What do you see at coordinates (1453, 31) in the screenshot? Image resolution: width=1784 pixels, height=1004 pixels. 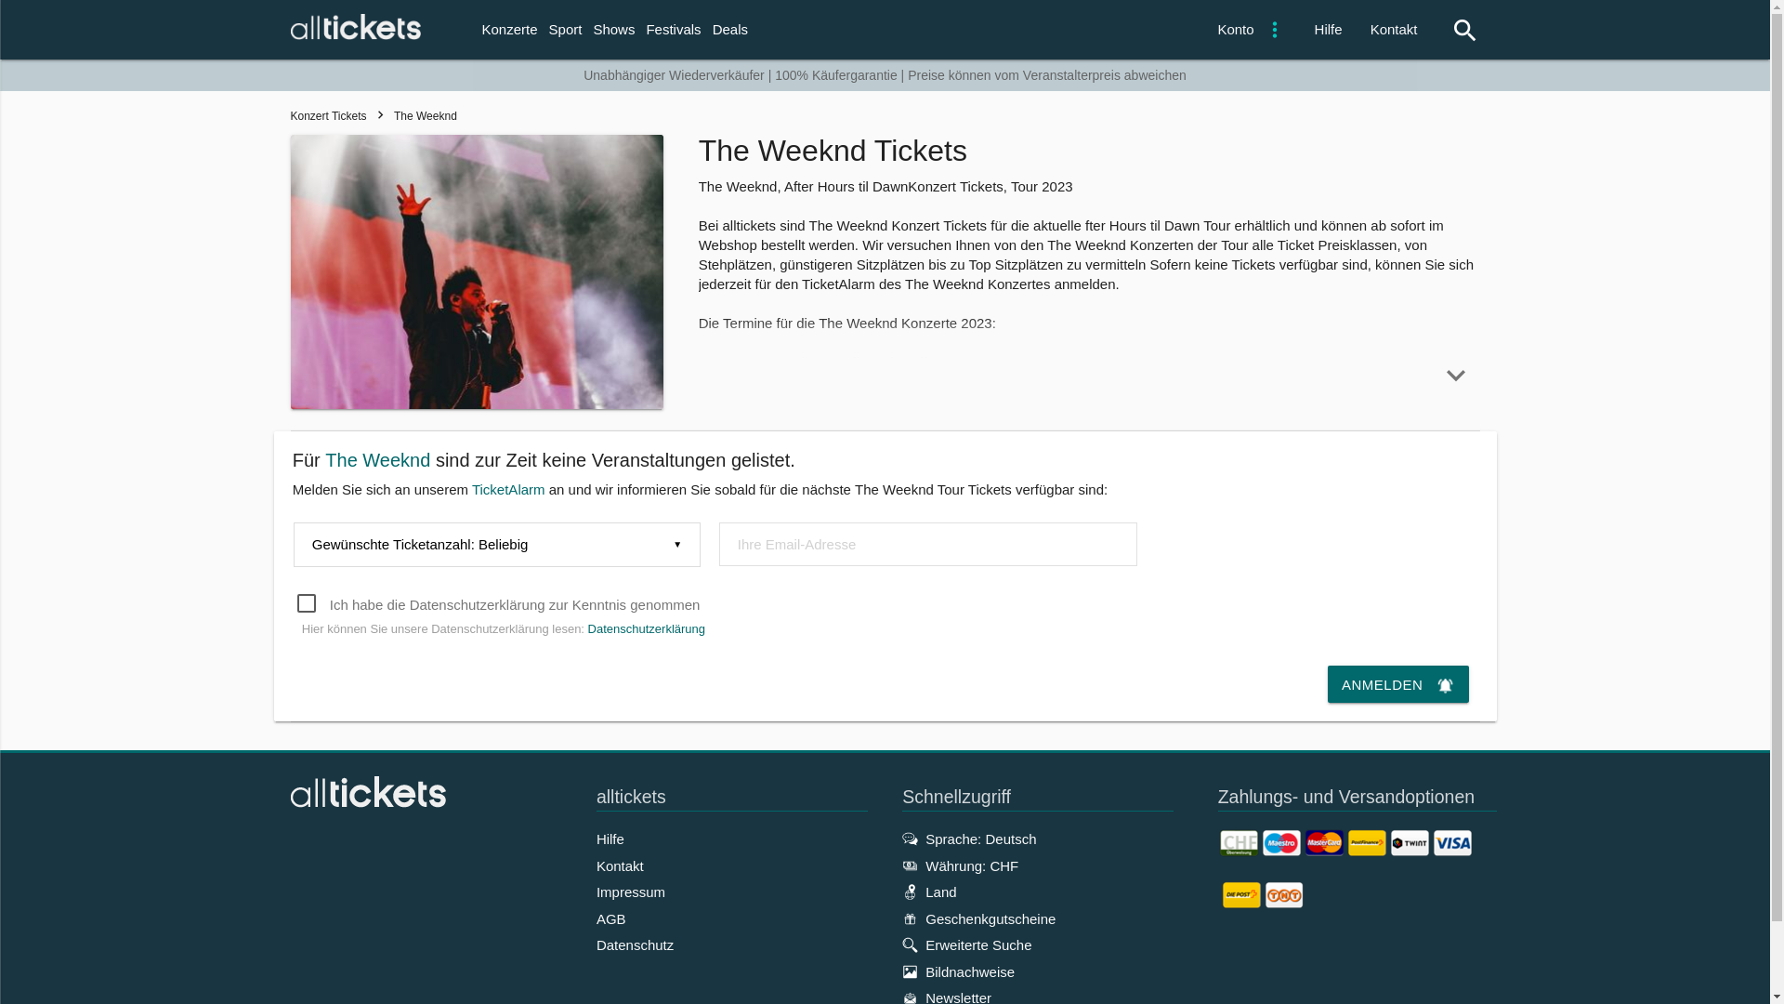 I see `'search'` at bounding box center [1453, 31].